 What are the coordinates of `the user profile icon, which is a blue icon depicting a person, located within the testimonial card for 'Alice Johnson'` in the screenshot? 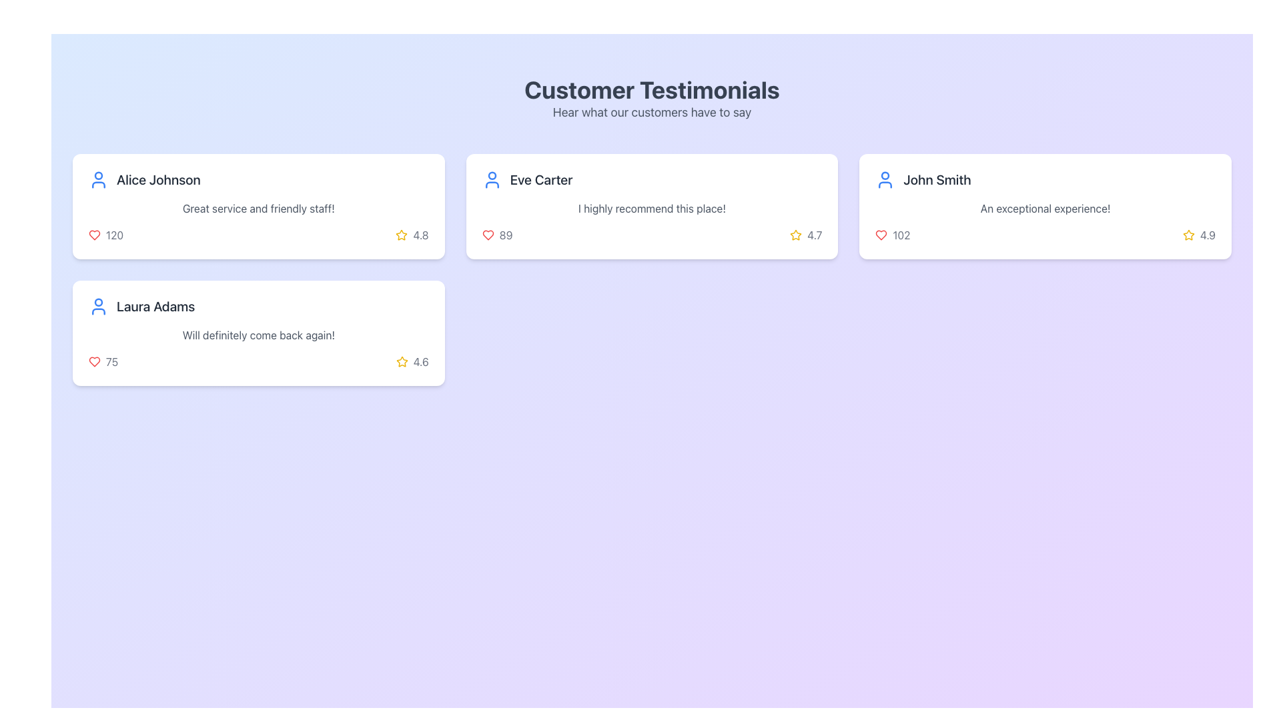 It's located at (98, 180).